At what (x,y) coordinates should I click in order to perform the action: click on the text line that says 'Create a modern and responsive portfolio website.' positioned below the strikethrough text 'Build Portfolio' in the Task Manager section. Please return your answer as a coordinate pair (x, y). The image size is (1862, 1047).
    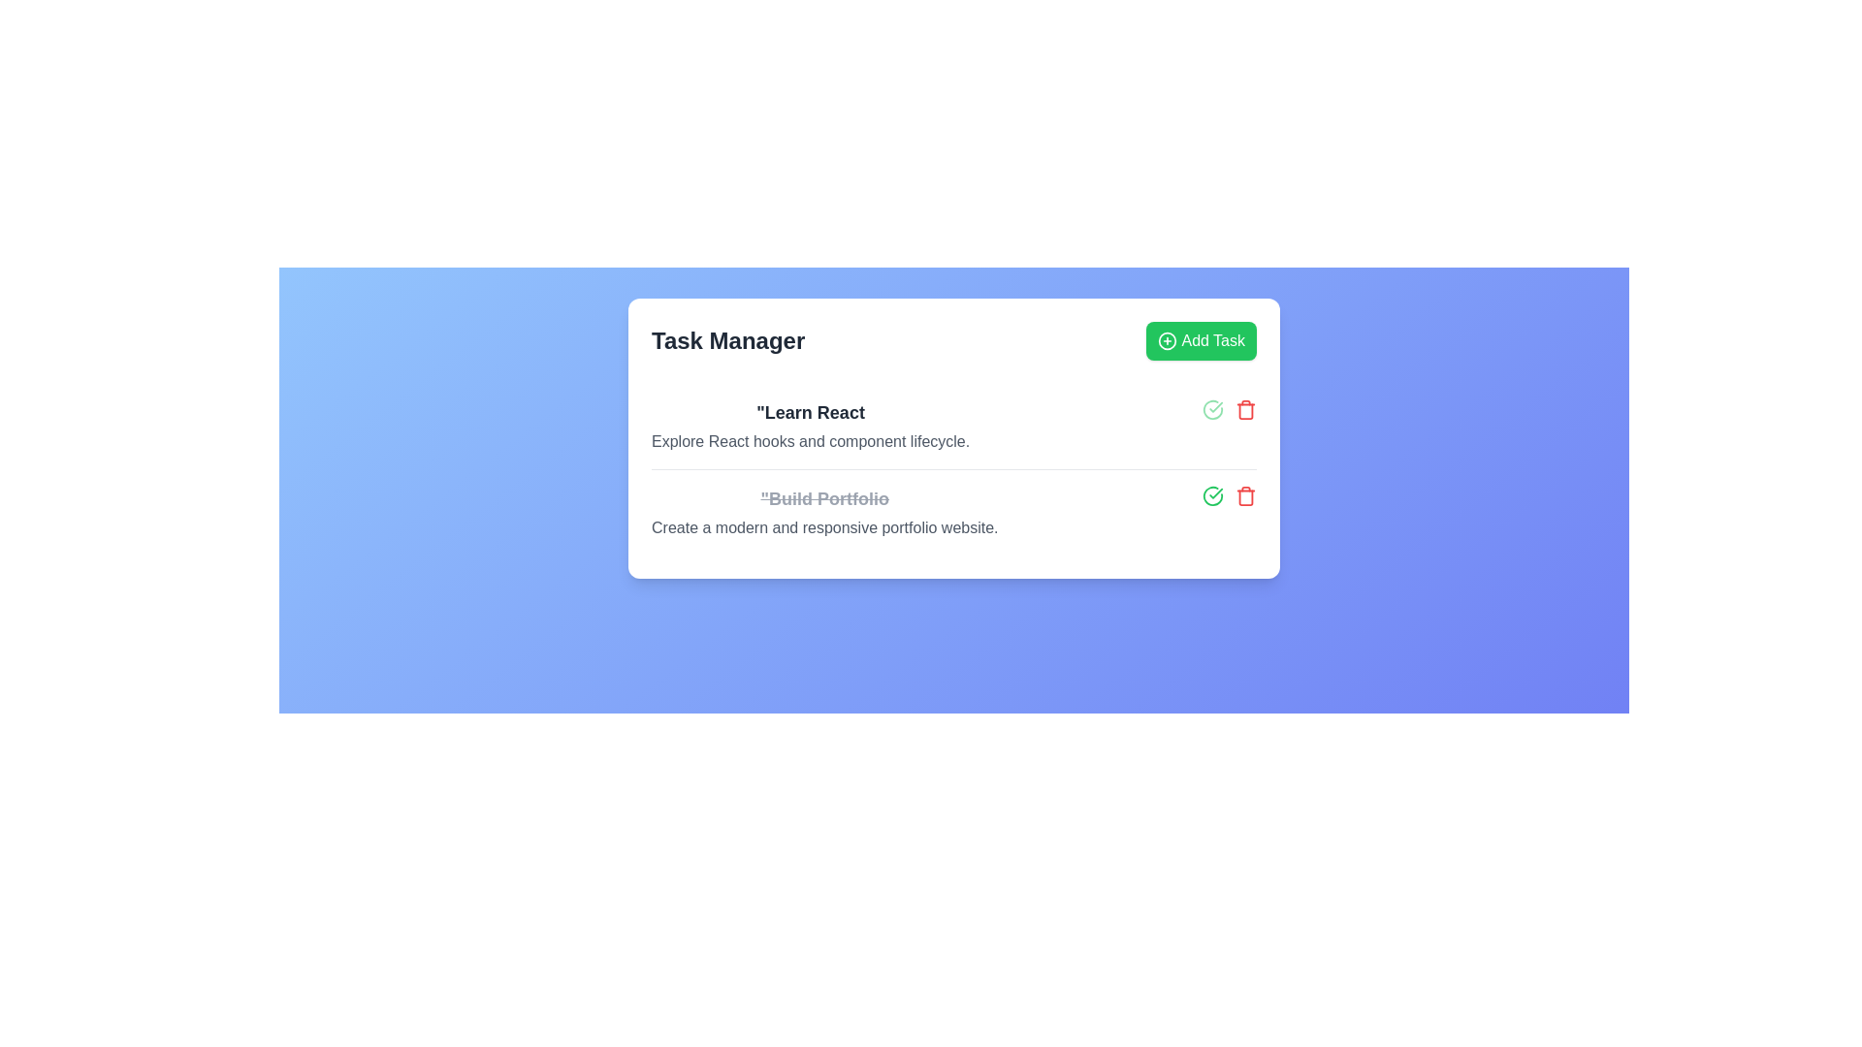
    Looking at the image, I should click on (824, 527).